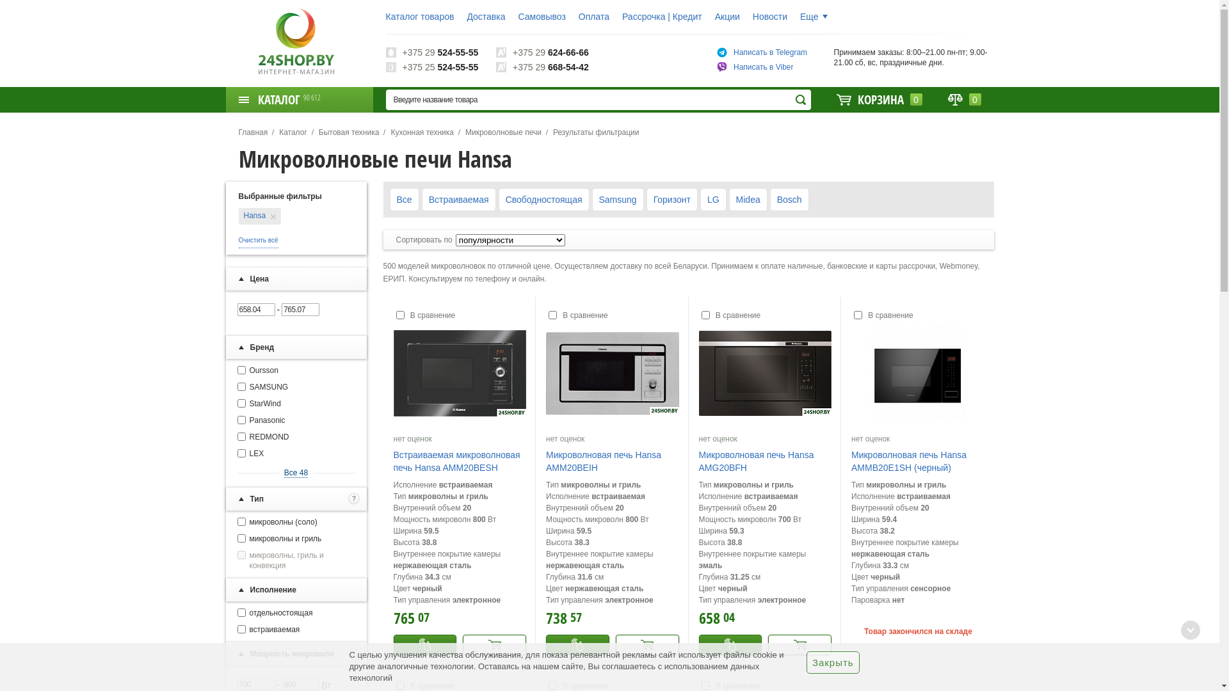 Image resolution: width=1229 pixels, height=691 pixels. I want to click on 'Bosch', so click(789, 200).